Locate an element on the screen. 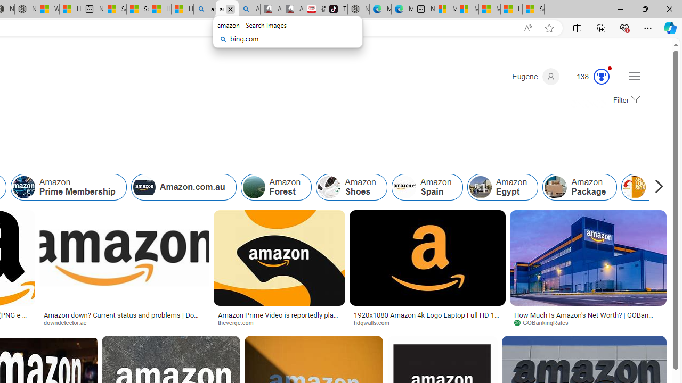  'Amazon Shoes' is located at coordinates (351, 187).